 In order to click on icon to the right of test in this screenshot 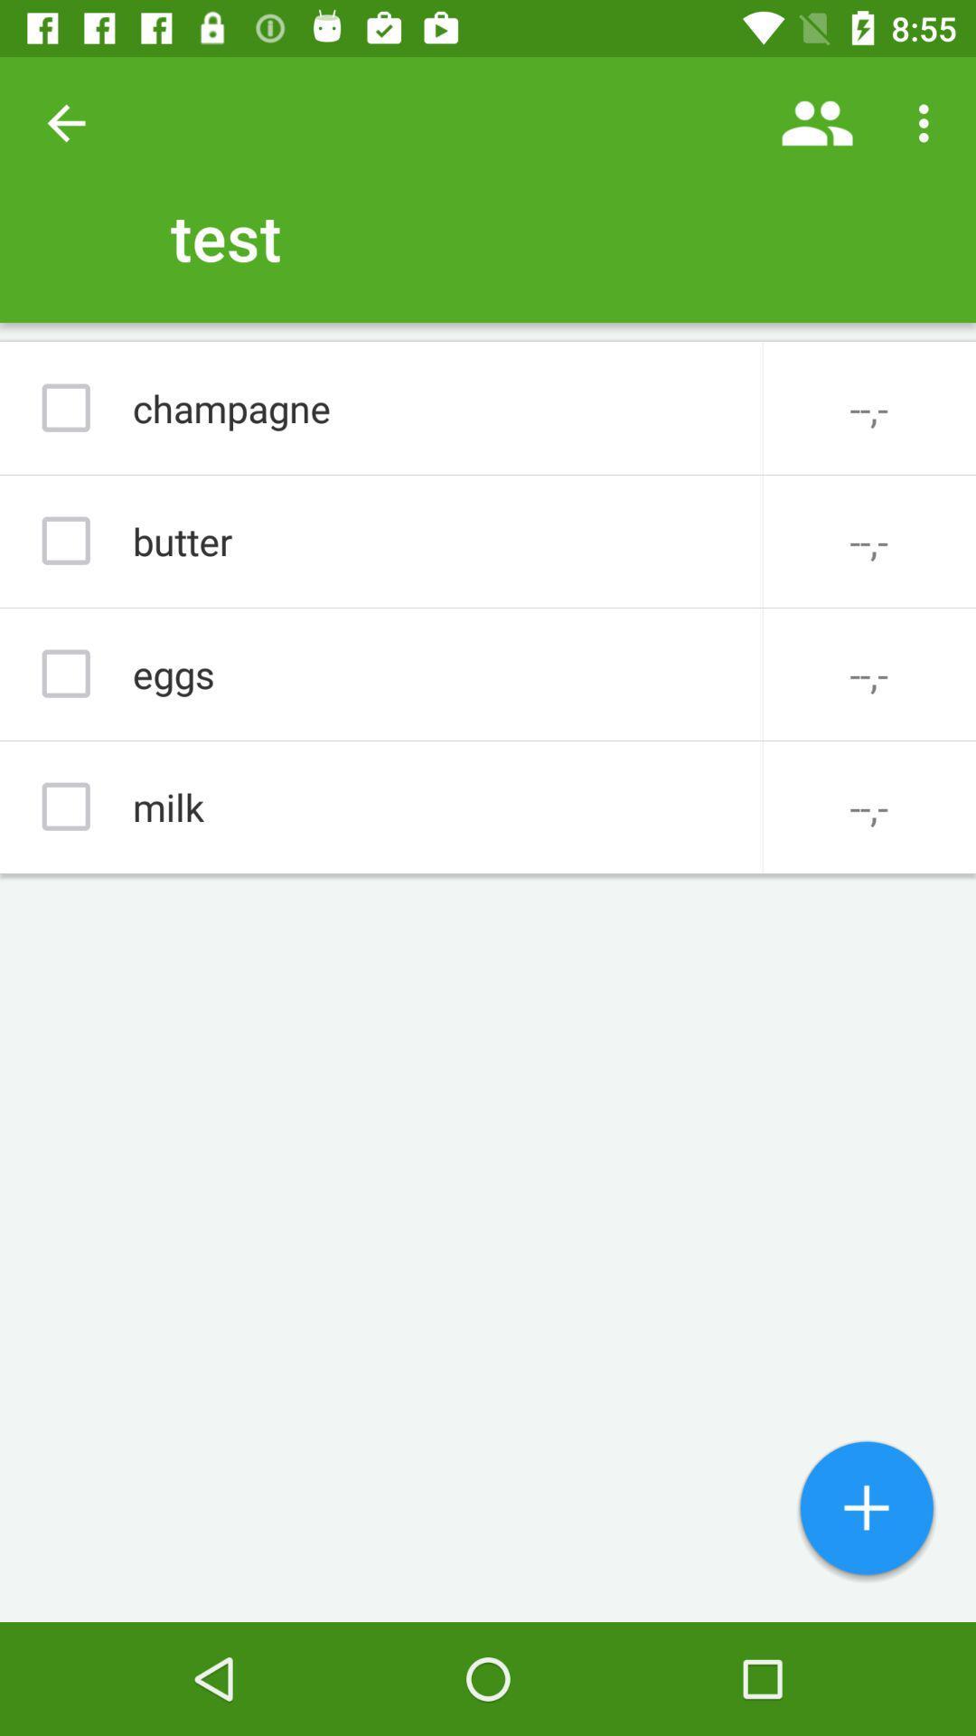, I will do `click(817, 122)`.